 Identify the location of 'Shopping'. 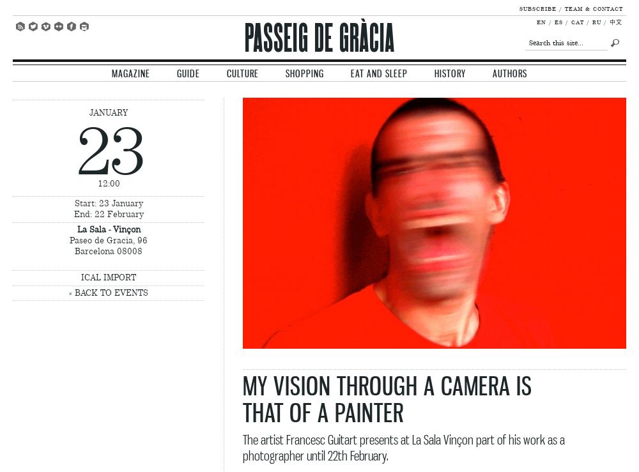
(304, 73).